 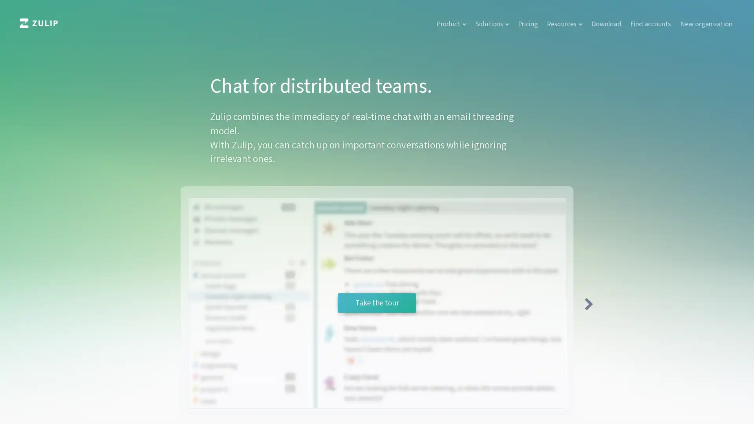 I want to click on Take the tour, so click(x=377, y=302).